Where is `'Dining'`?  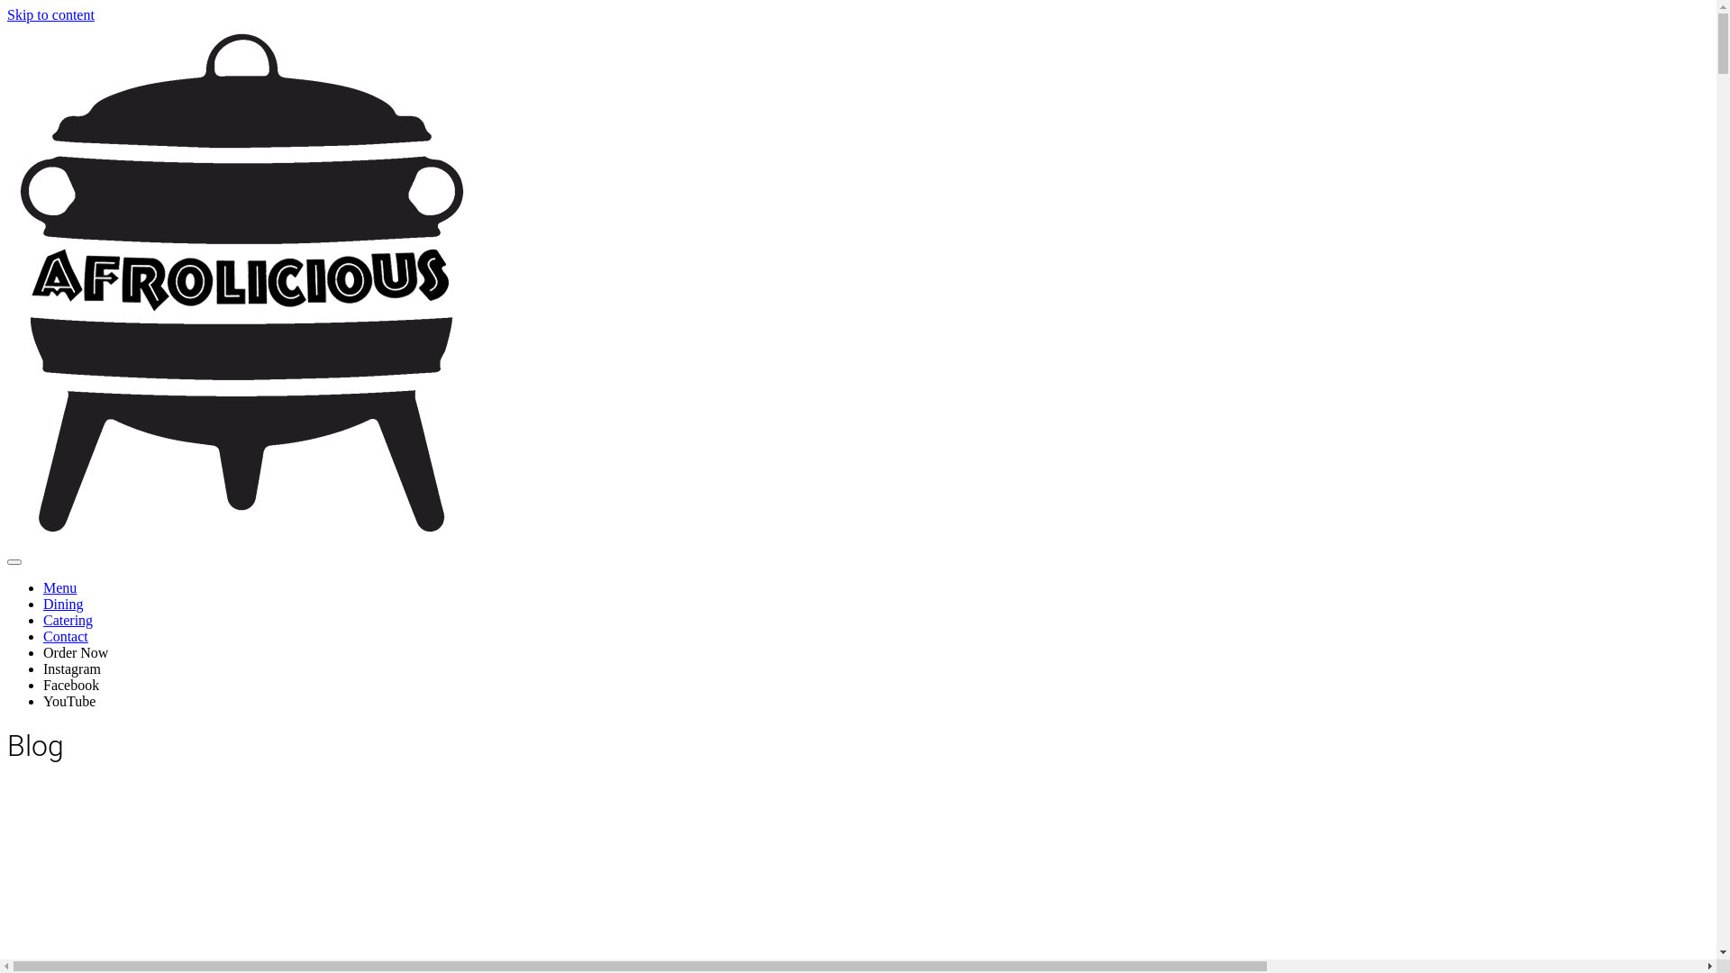
'Dining' is located at coordinates (63, 604).